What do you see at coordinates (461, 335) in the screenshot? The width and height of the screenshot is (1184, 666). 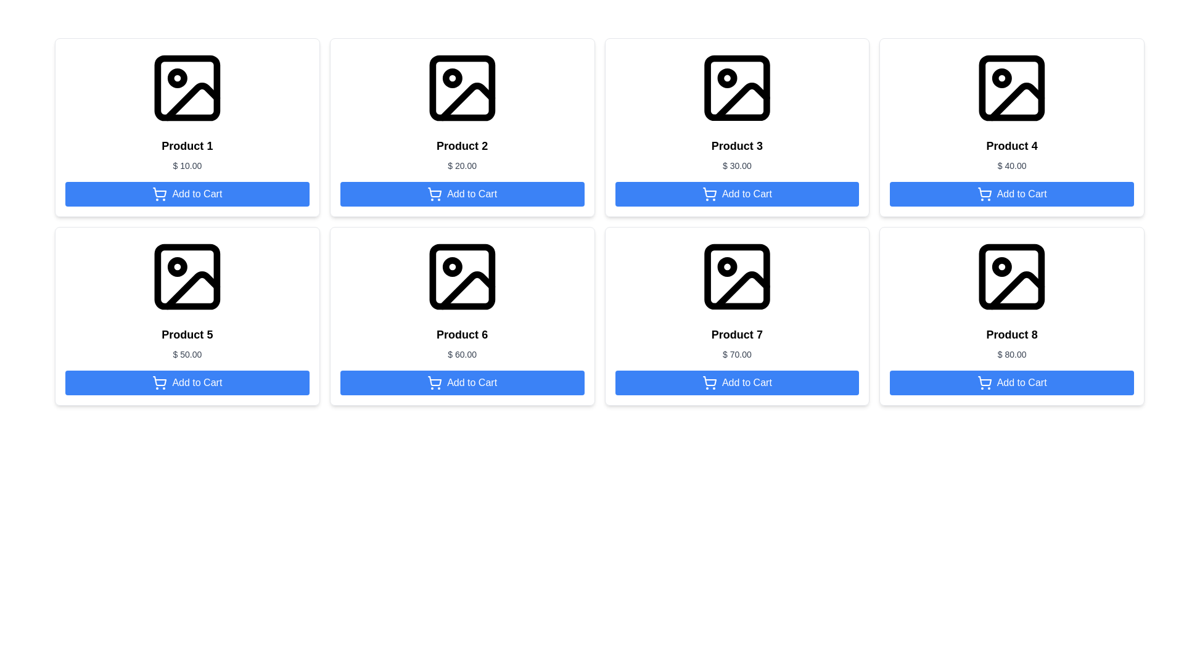 I see `the product title text located in the second row, third column of the product grid` at bounding box center [461, 335].